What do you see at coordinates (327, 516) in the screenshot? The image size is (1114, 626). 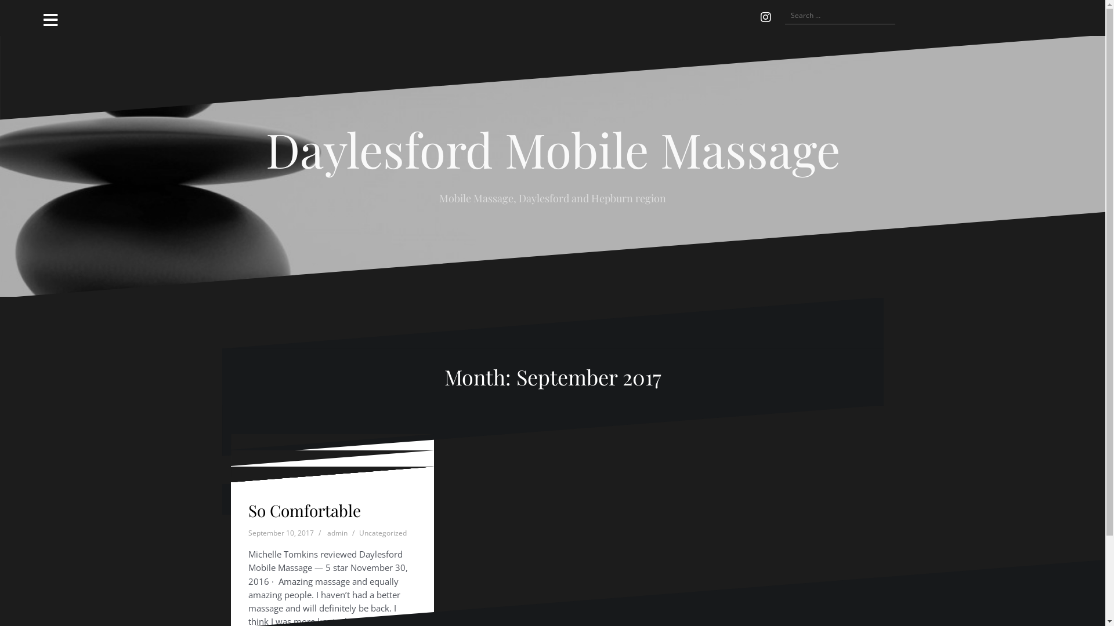 I see `'admin'` at bounding box center [327, 516].